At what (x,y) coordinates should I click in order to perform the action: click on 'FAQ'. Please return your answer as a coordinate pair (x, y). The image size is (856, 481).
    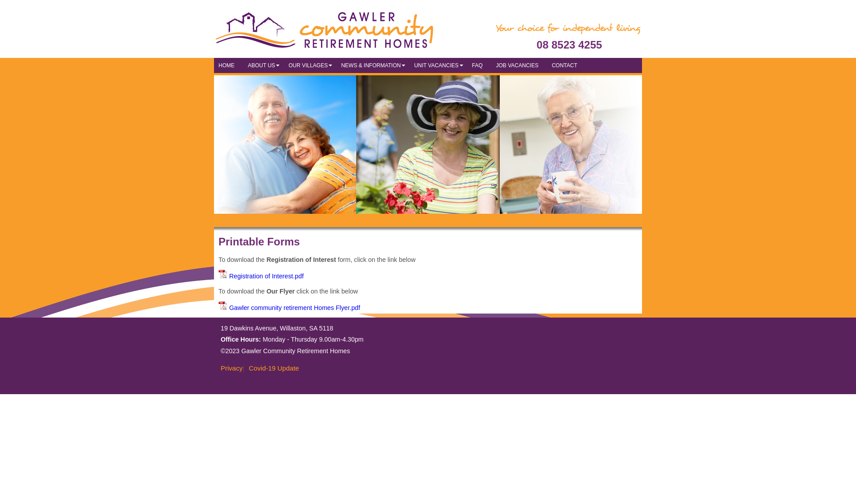
    Looking at the image, I should click on (479, 65).